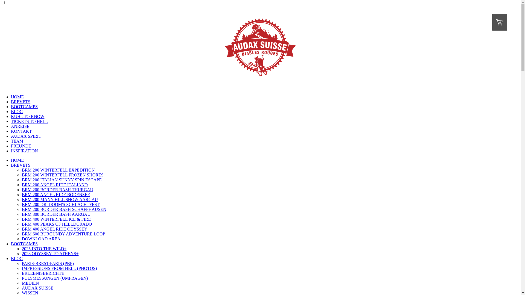 This screenshot has height=295, width=525. Describe the element at coordinates (20, 126) in the screenshot. I see `'ANREISE'` at that location.